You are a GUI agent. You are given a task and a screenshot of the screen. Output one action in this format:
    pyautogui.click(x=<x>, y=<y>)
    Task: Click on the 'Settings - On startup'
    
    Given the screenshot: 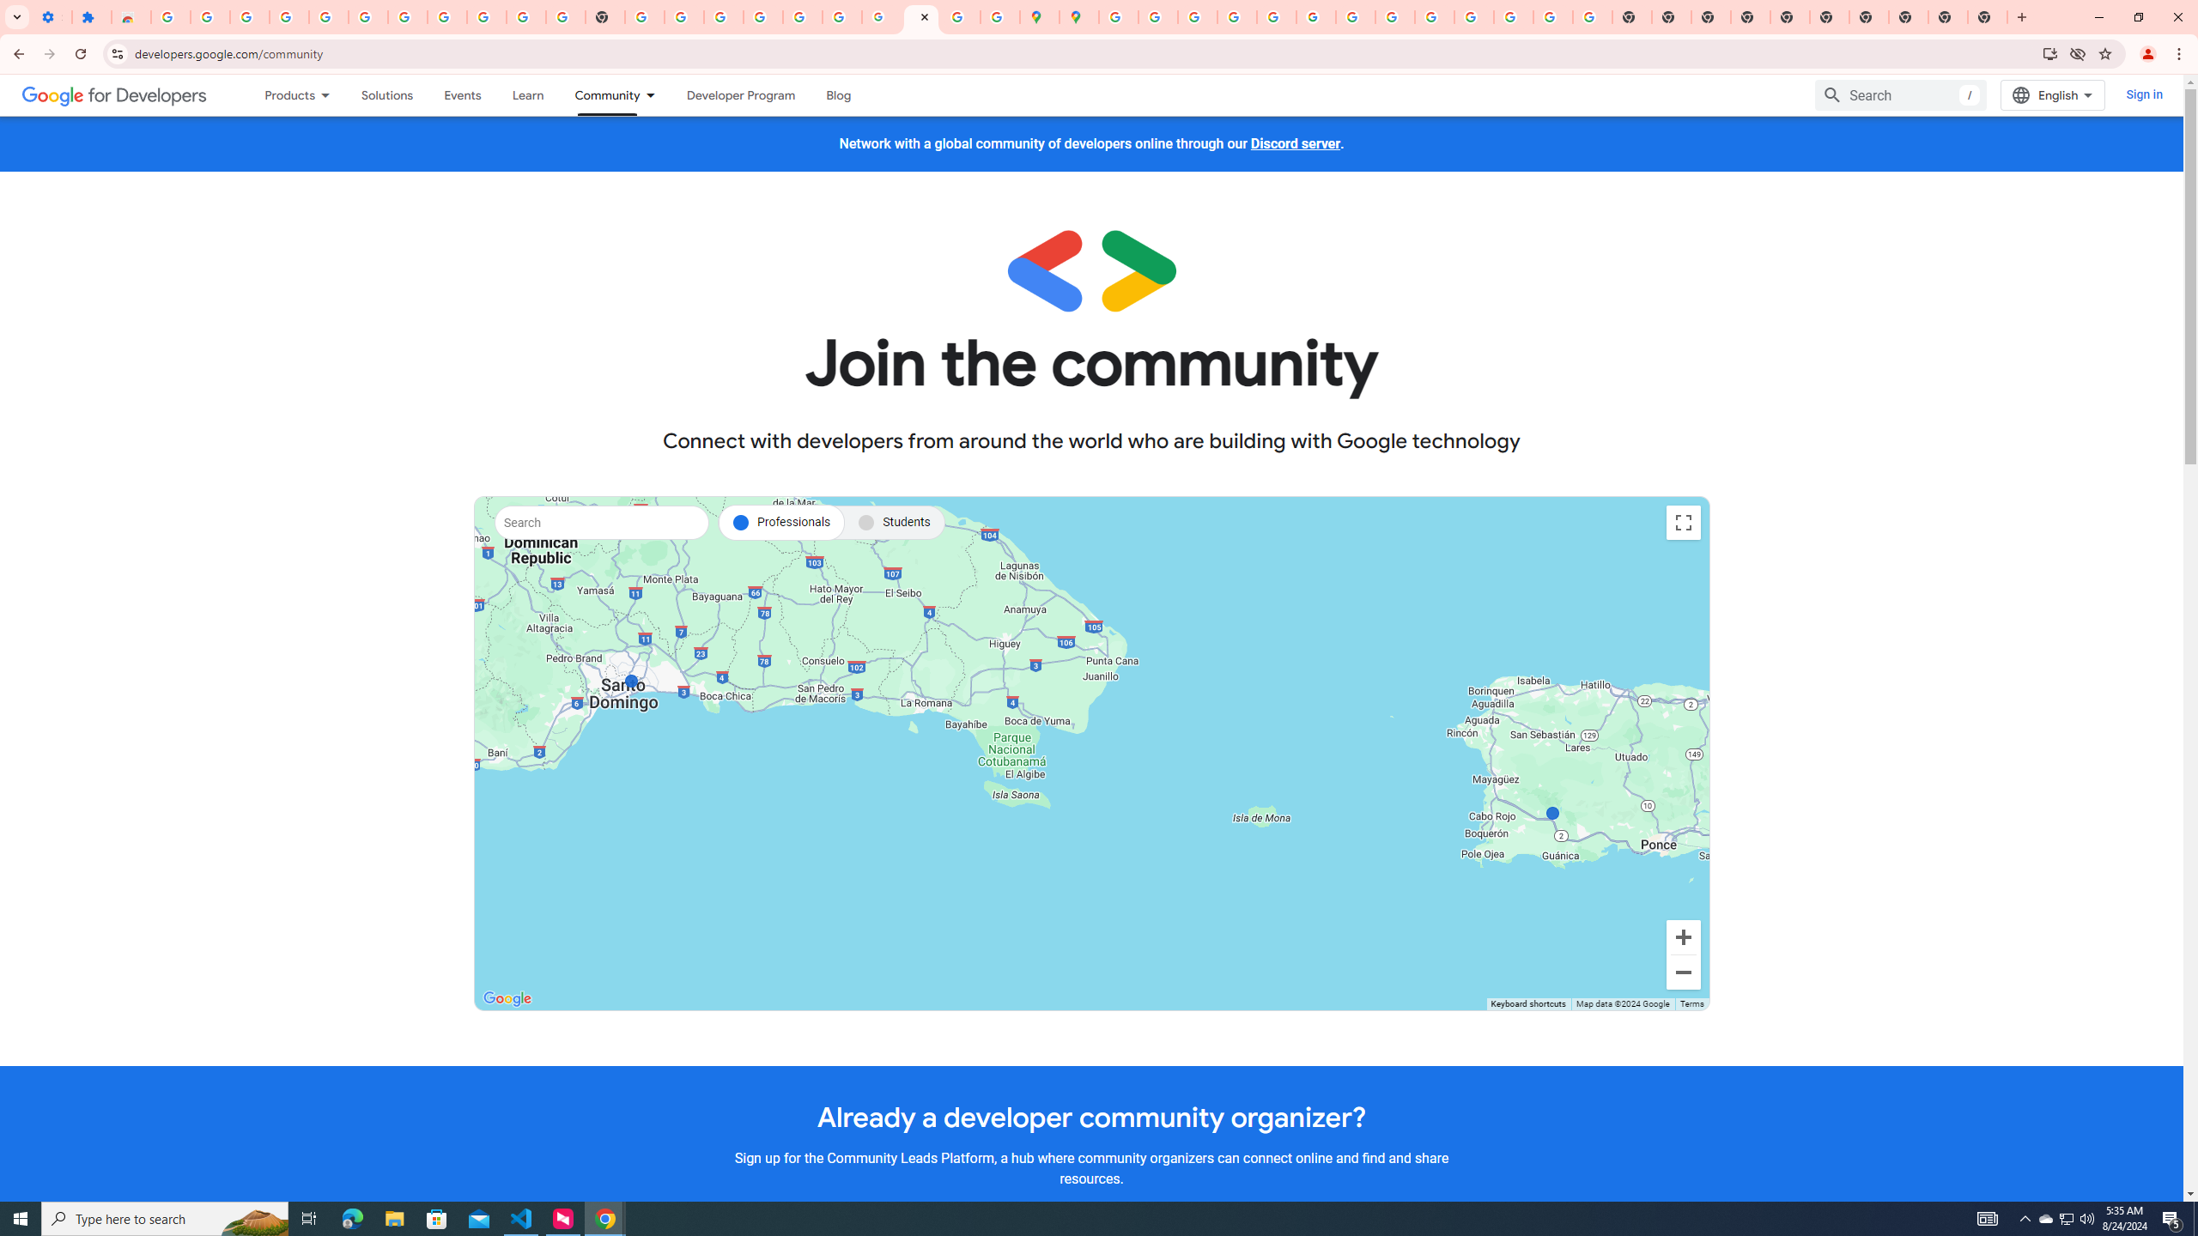 What is the action you would take?
    pyautogui.click(x=52, y=16)
    